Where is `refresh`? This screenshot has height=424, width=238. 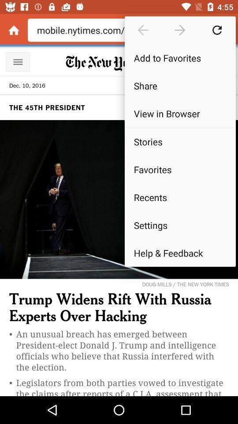 refresh is located at coordinates (216, 30).